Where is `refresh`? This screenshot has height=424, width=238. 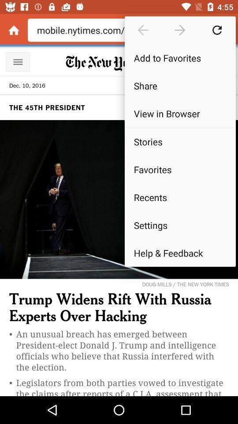 refresh is located at coordinates (216, 30).